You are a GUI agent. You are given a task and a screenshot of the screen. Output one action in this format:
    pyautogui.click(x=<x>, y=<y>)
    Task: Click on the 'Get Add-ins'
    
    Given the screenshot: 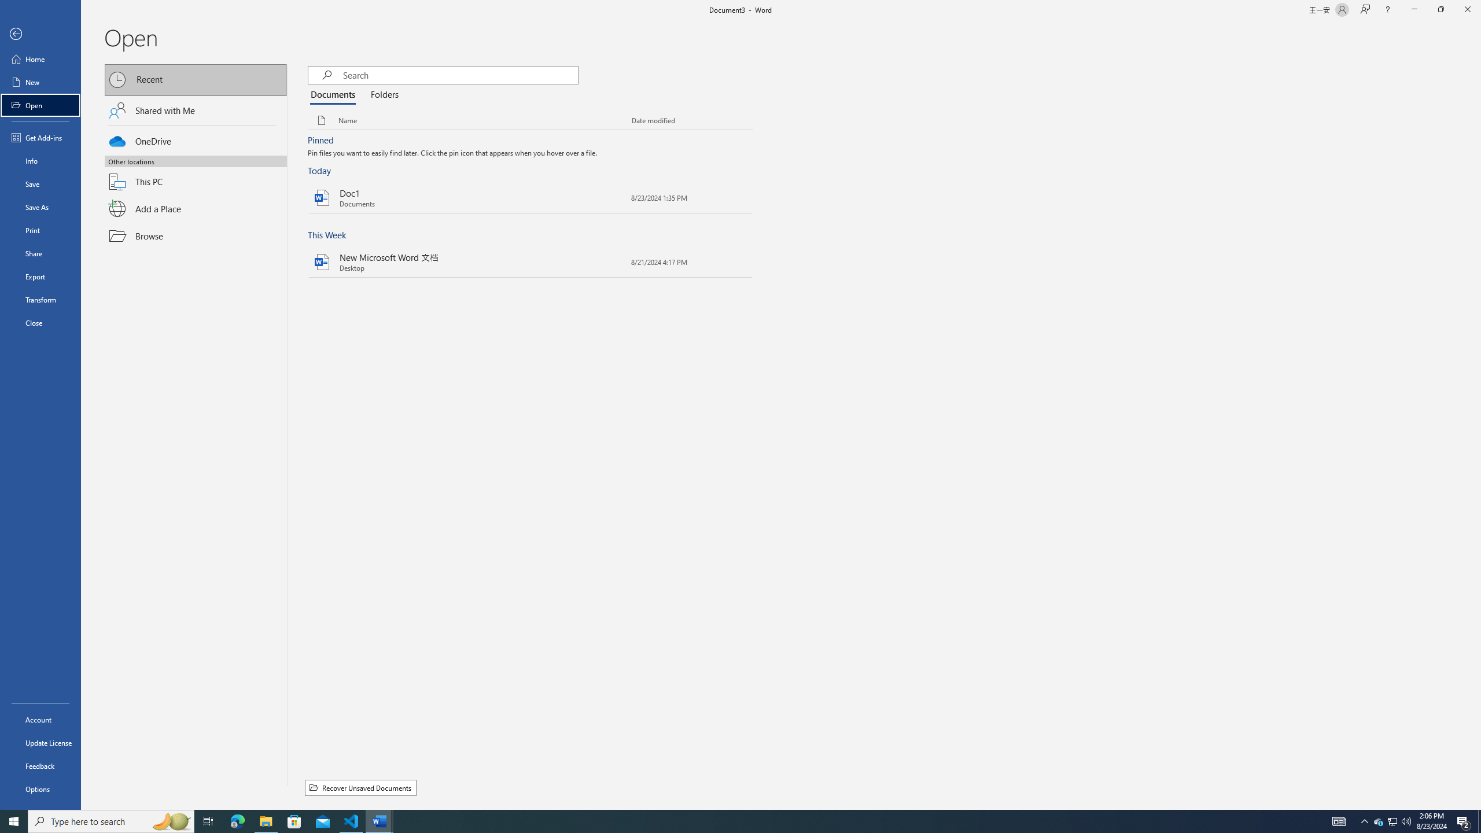 What is the action you would take?
    pyautogui.click(x=40, y=137)
    